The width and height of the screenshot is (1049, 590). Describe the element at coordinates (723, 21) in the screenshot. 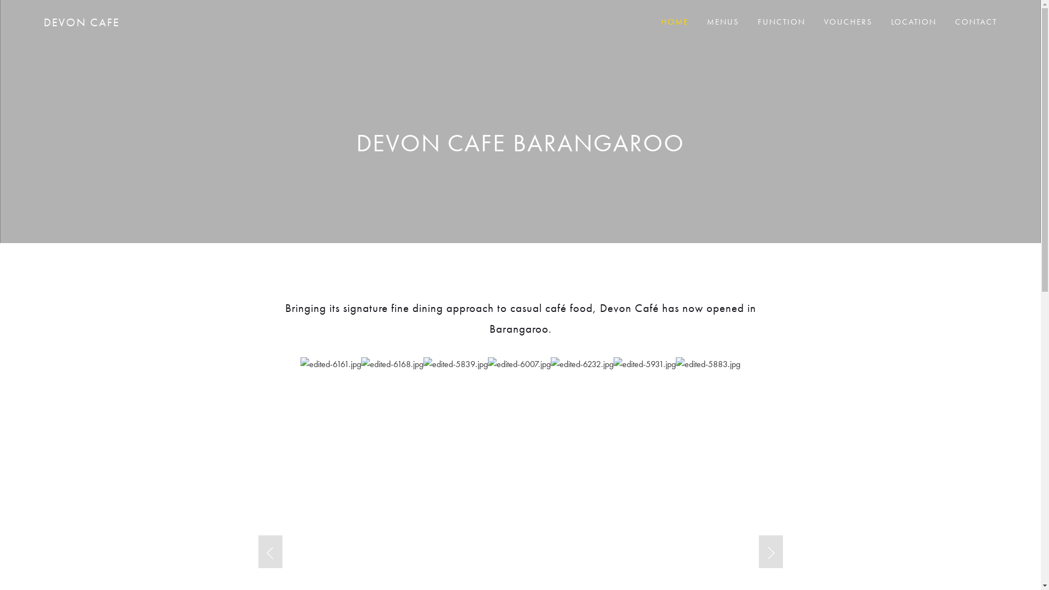

I see `'MENUS'` at that location.